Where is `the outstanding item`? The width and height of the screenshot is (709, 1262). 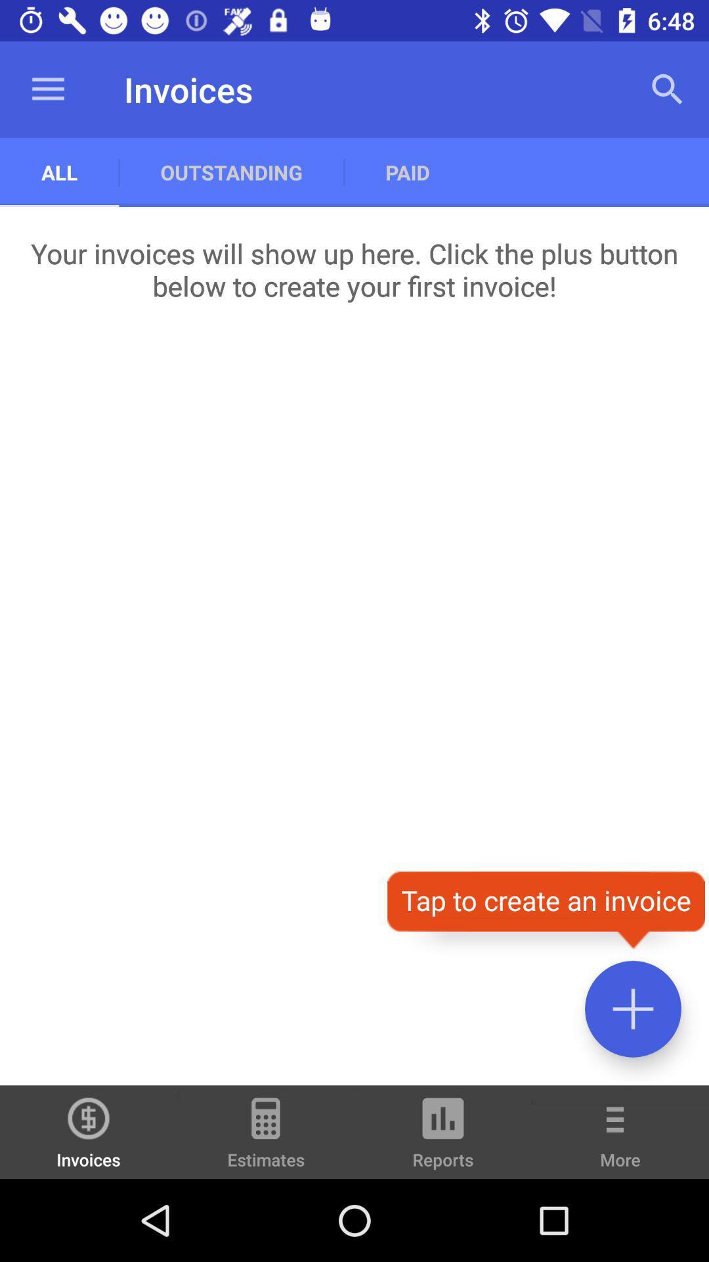 the outstanding item is located at coordinates (230, 172).